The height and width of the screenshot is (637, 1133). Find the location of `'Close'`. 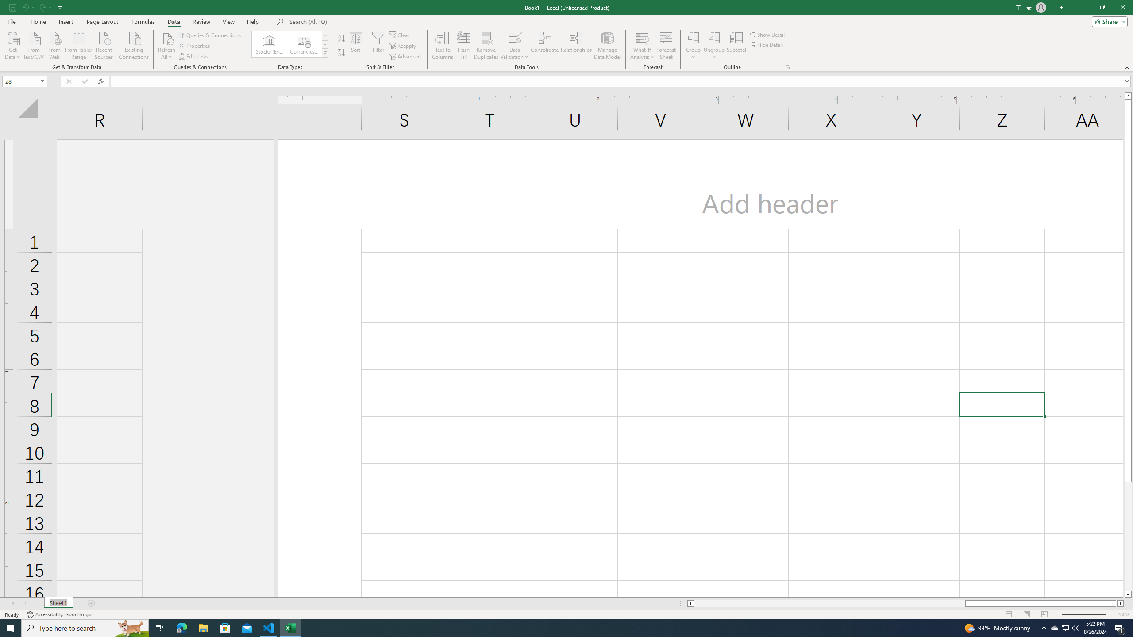

'Close' is located at coordinates (1122, 7).